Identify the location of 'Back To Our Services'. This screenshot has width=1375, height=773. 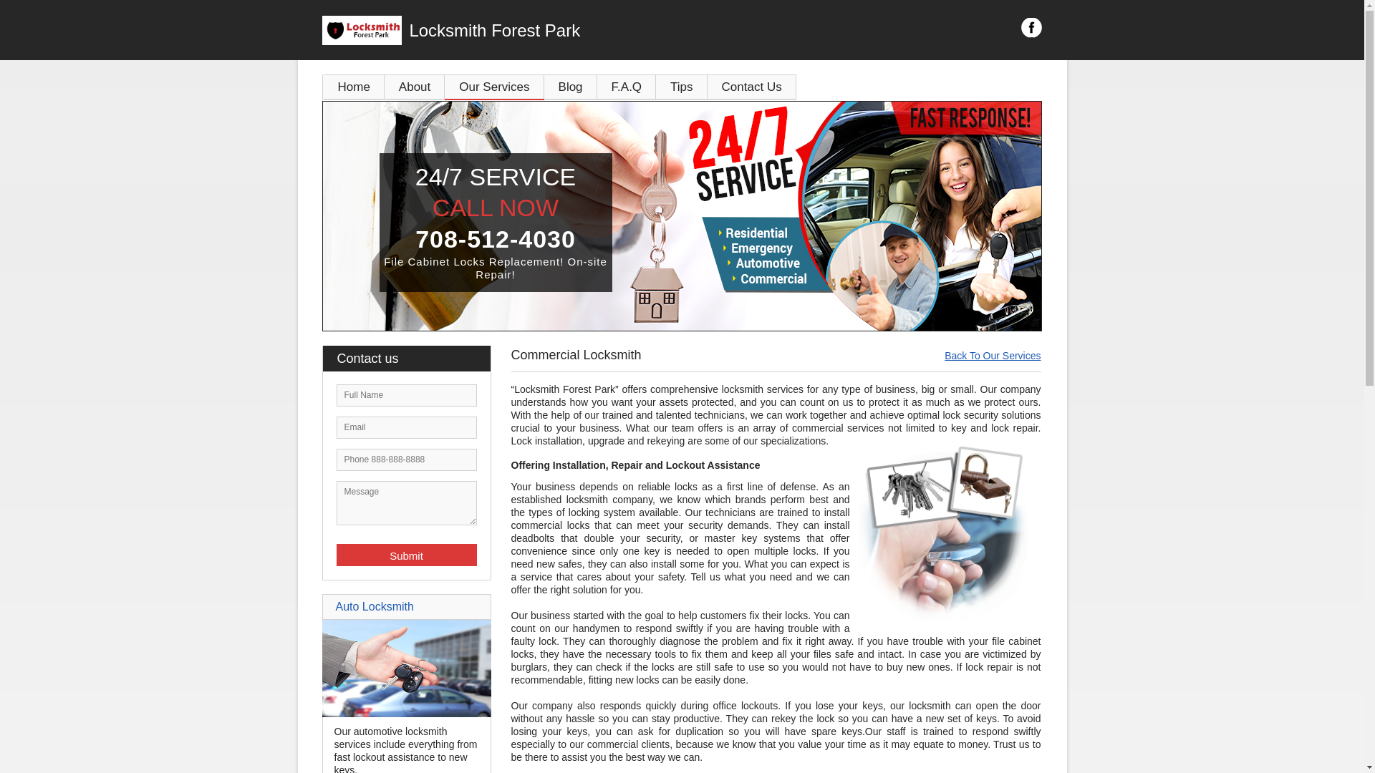
(945, 355).